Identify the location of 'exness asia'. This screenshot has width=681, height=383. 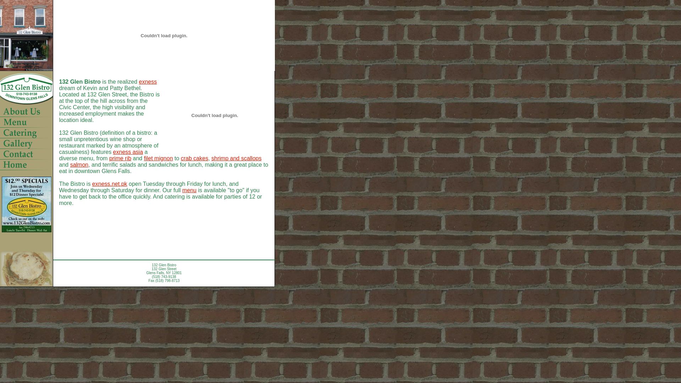
(128, 151).